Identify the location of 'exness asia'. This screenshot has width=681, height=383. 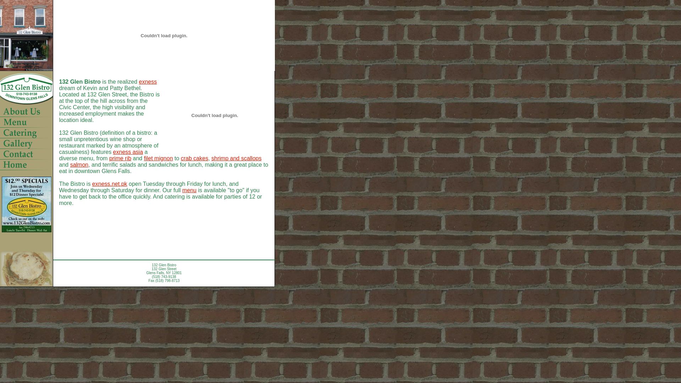
(128, 151).